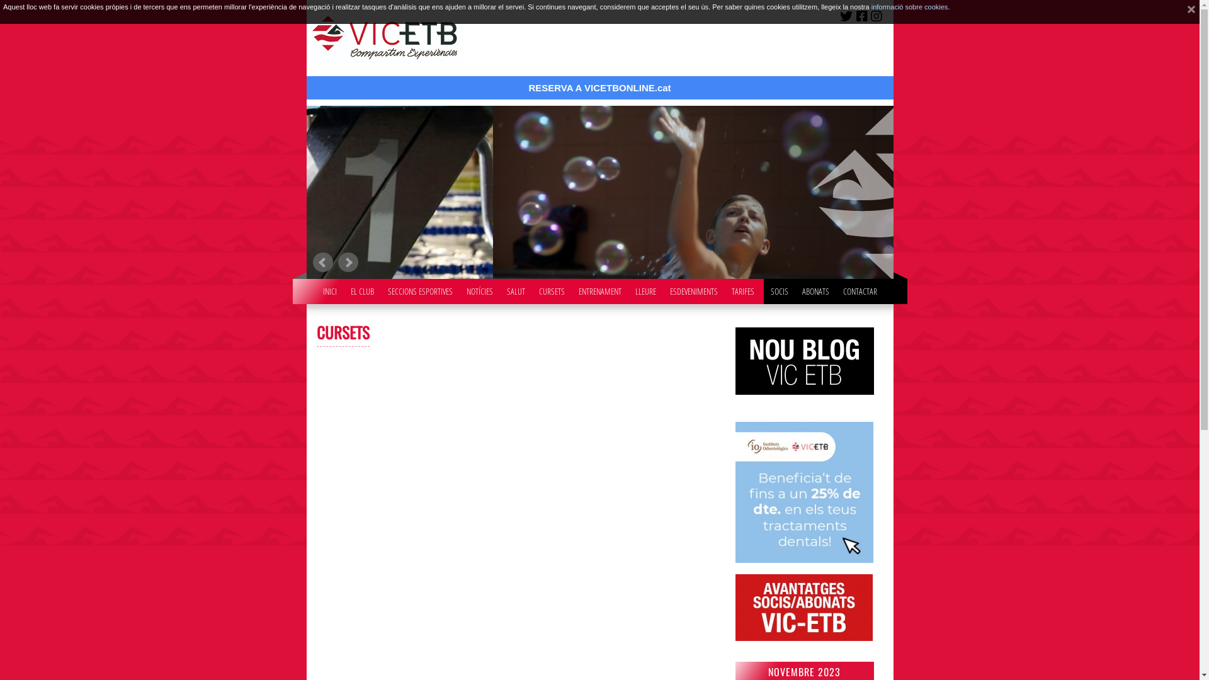 Image resolution: width=1209 pixels, height=680 pixels. I want to click on 'CONTACTAR', so click(858, 288).